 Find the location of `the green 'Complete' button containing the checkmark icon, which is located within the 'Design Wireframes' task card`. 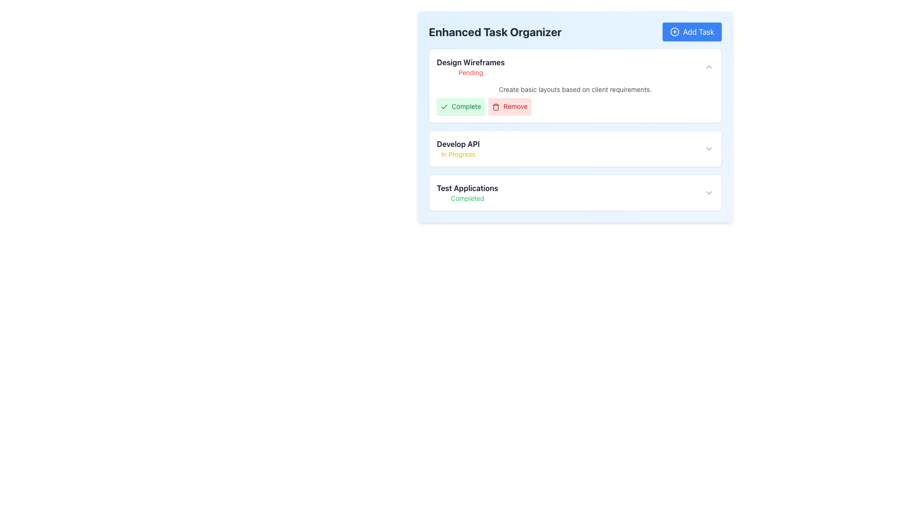

the green 'Complete' button containing the checkmark icon, which is located within the 'Design Wireframes' task card is located at coordinates (443, 106).